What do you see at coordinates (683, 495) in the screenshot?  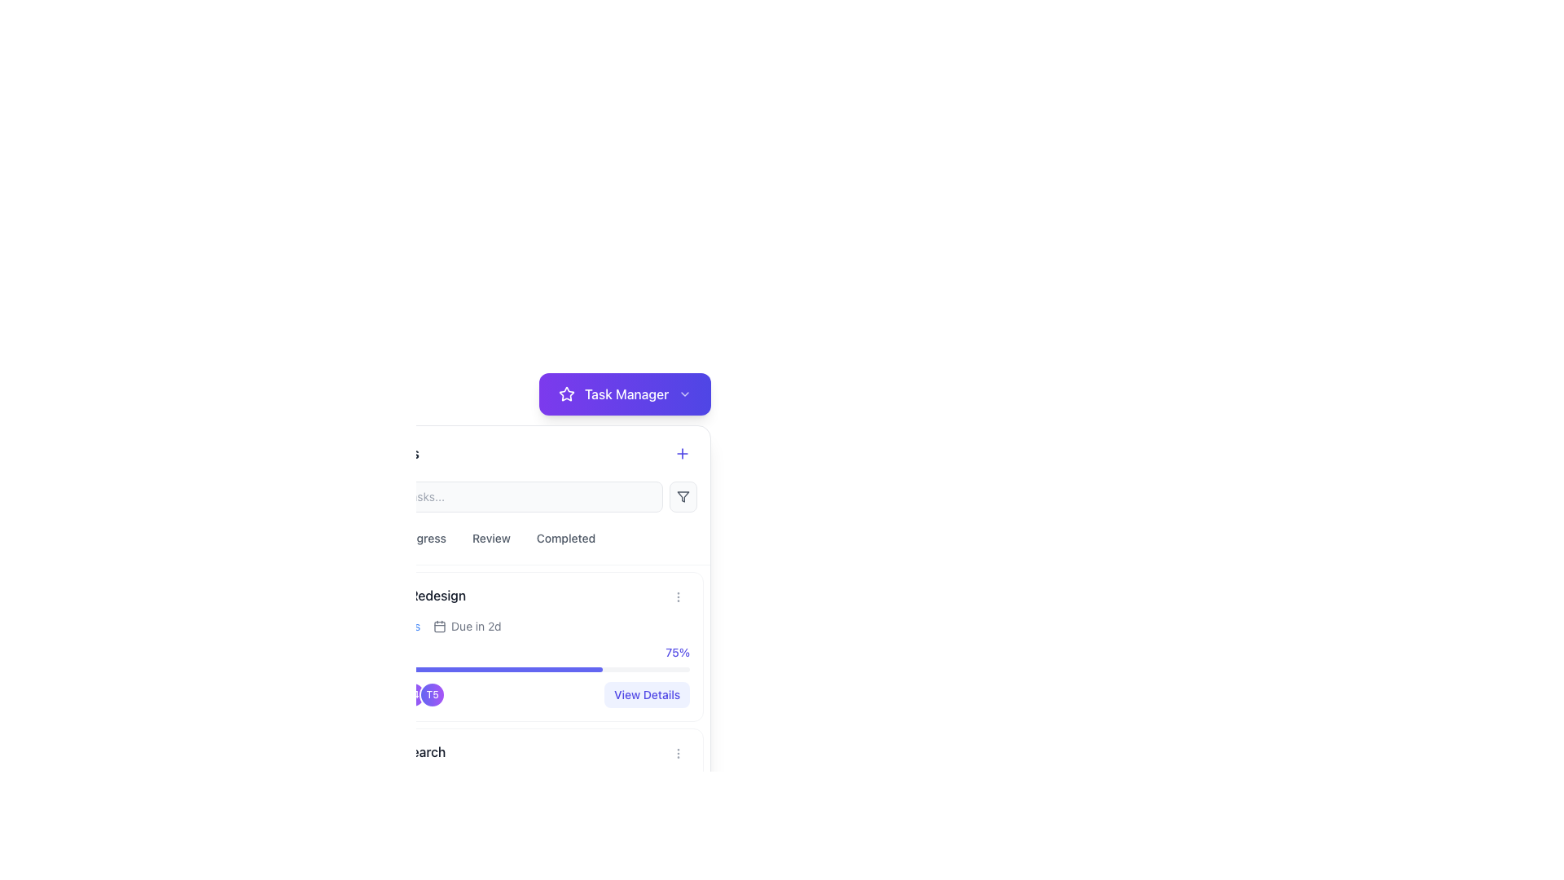 I see `the filter icon button located in the upper-middle section of the interface` at bounding box center [683, 495].